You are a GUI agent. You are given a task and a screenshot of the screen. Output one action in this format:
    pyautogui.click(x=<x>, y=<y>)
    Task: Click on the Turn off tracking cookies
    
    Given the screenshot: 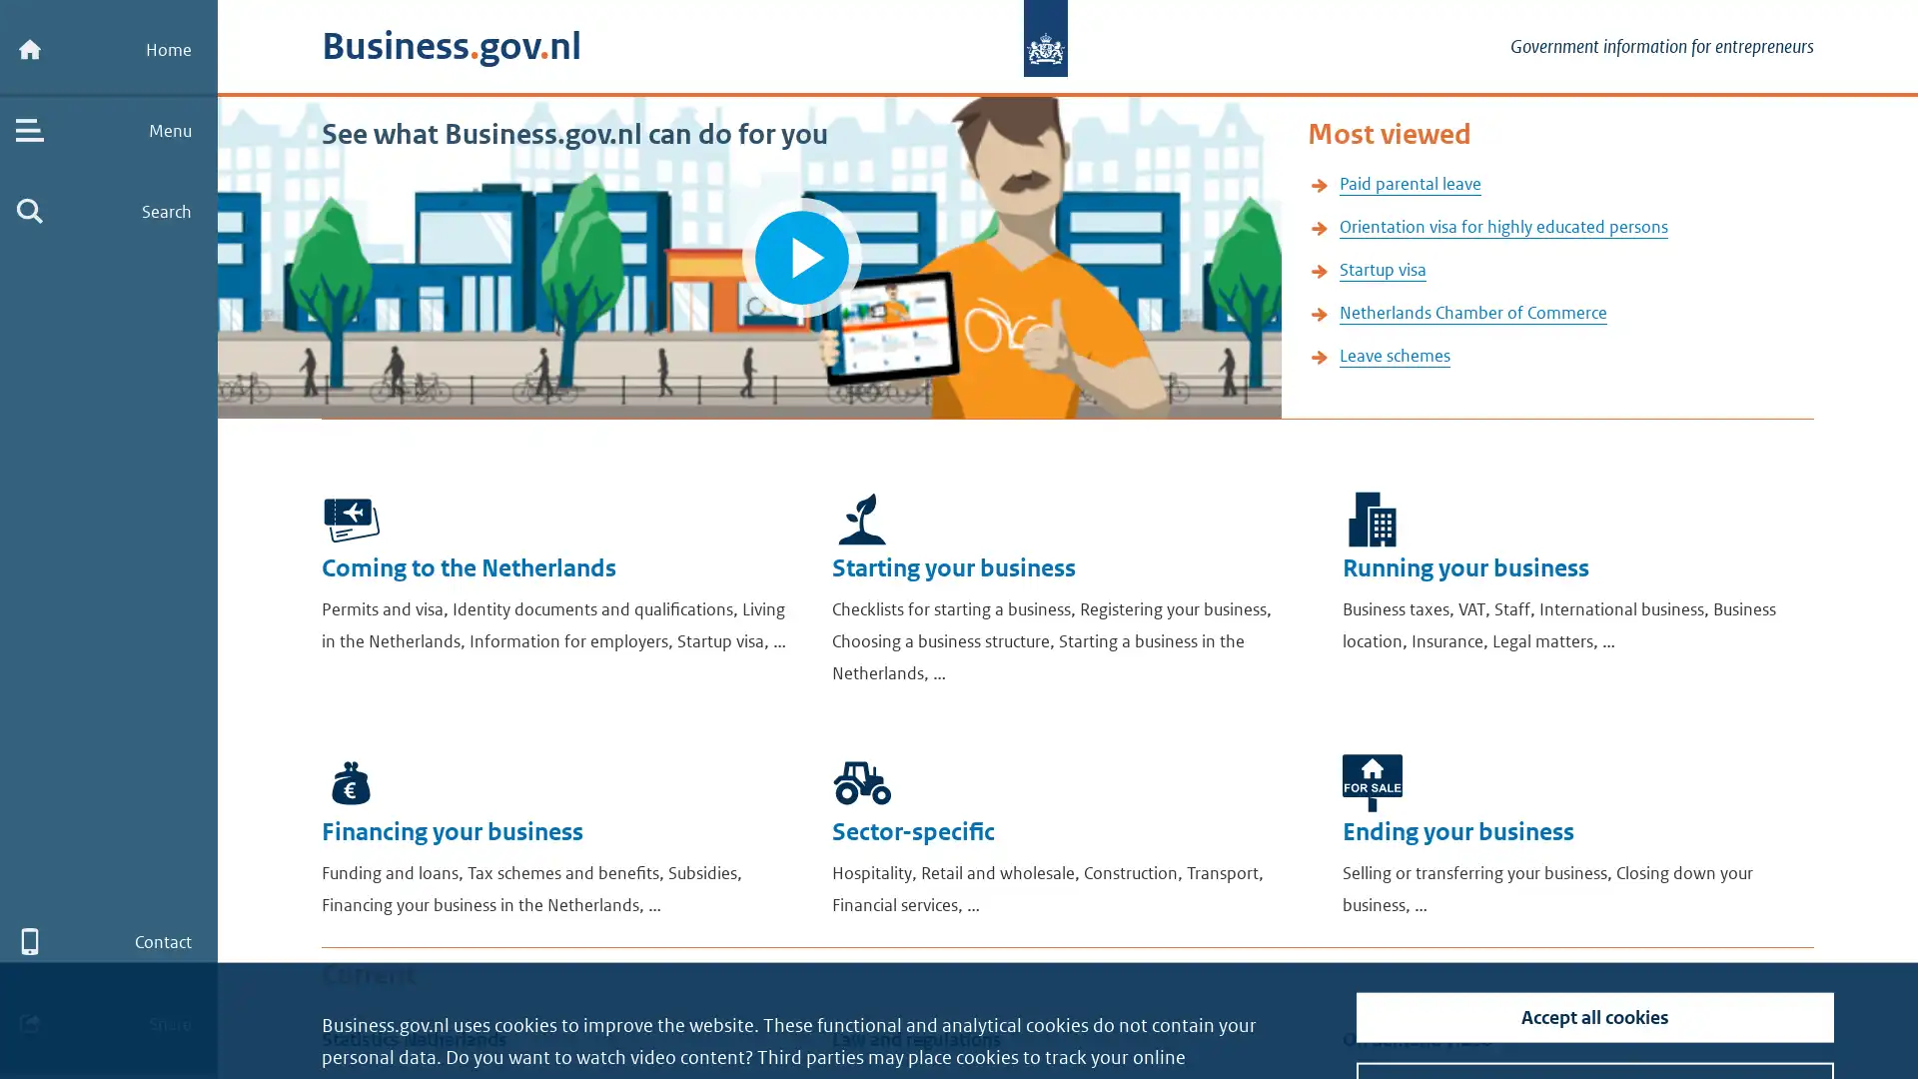 What is the action you would take?
    pyautogui.click(x=1594, y=1013)
    